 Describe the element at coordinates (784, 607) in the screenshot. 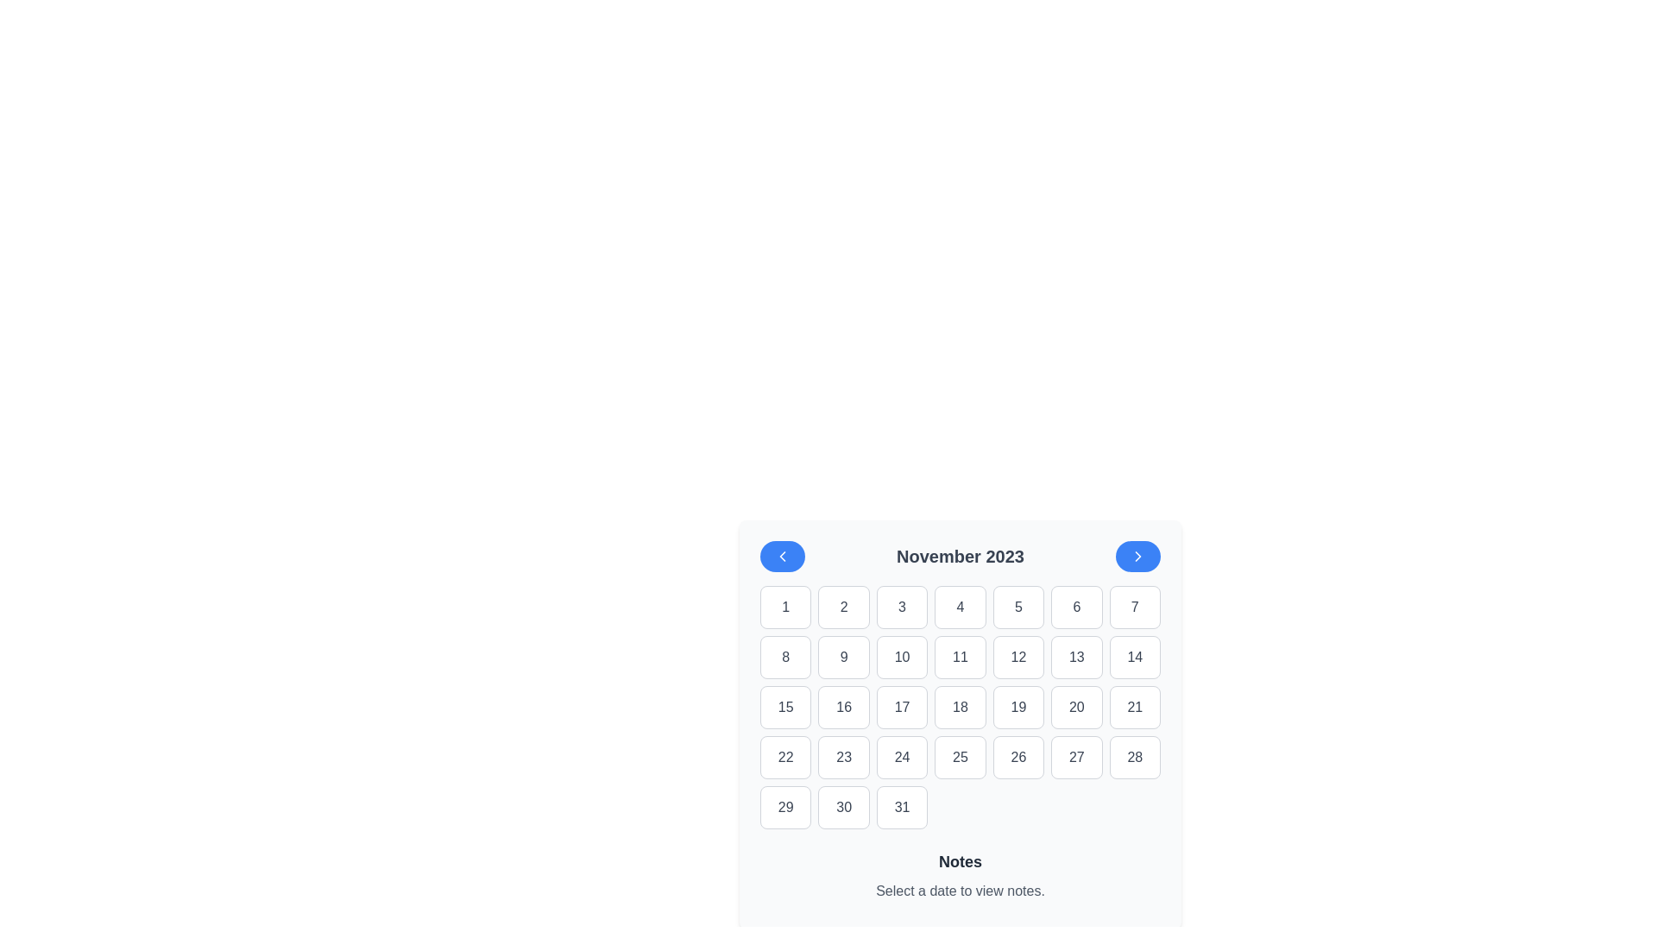

I see `the first button in the calendar grid layout` at that location.